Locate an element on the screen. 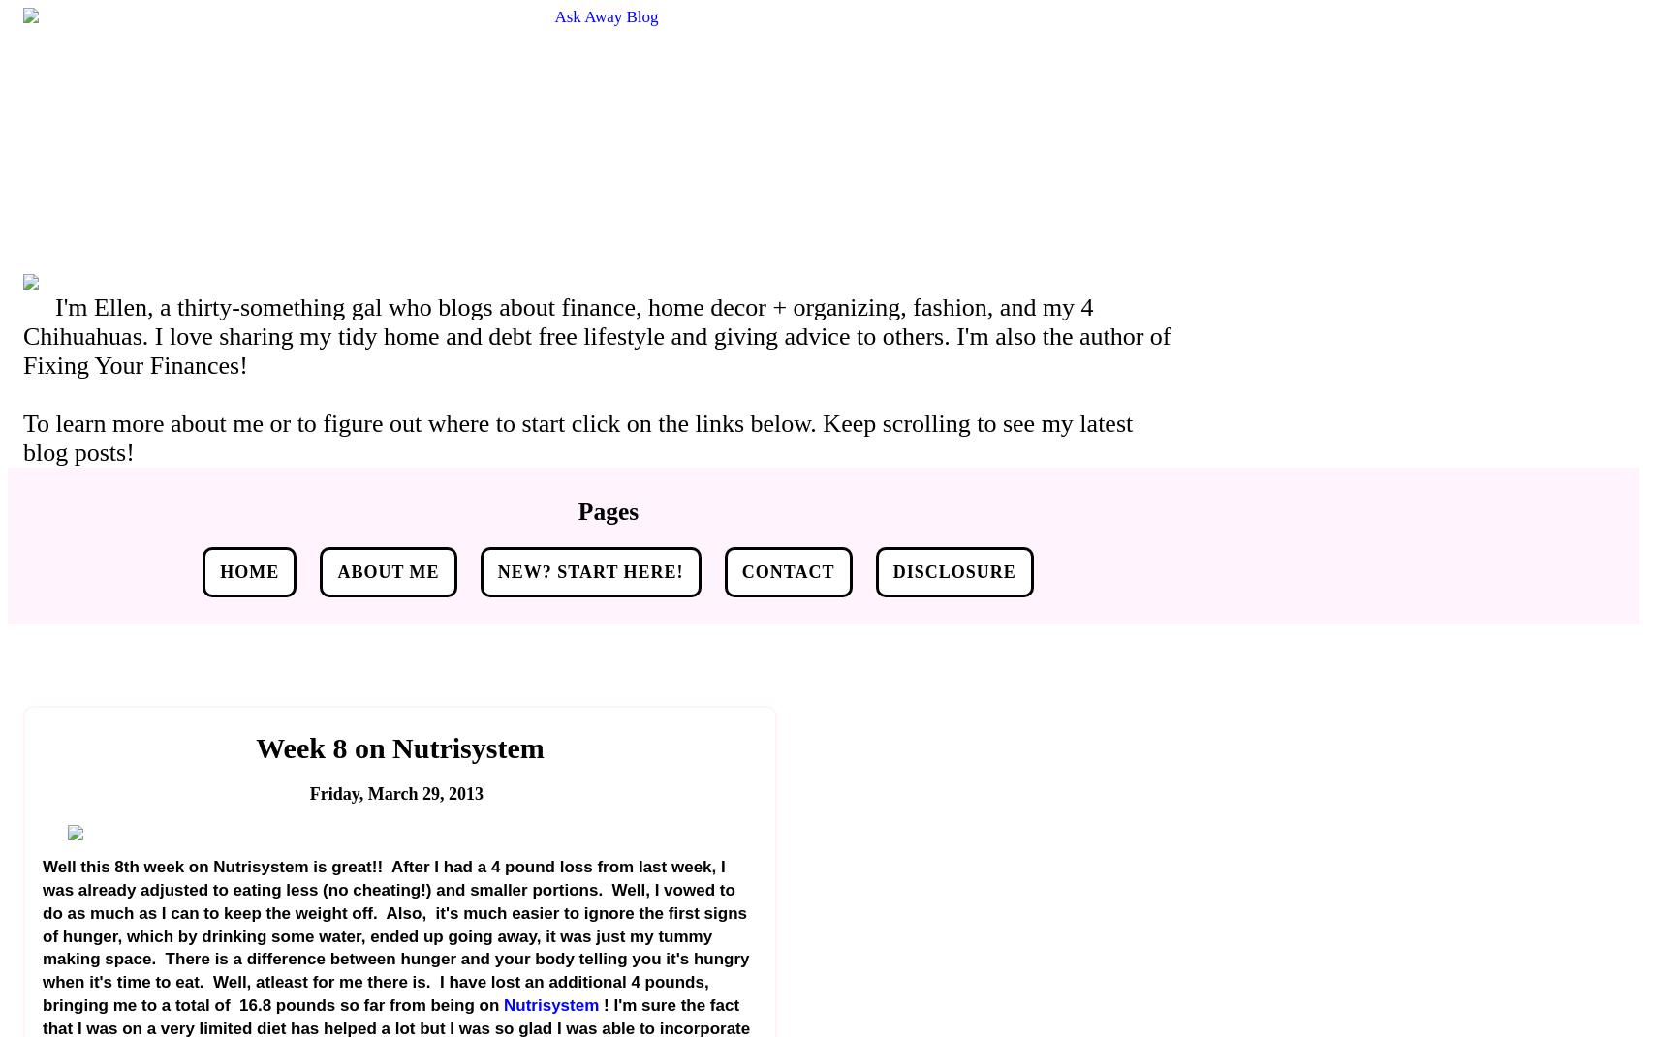 The height and width of the screenshot is (1037, 1655). 'Pages' is located at coordinates (608, 510).